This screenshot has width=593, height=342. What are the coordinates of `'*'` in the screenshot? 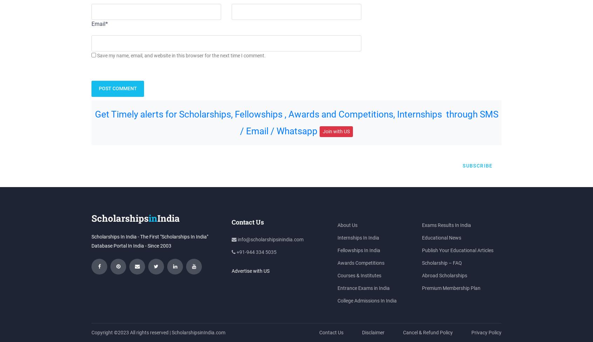 It's located at (106, 24).